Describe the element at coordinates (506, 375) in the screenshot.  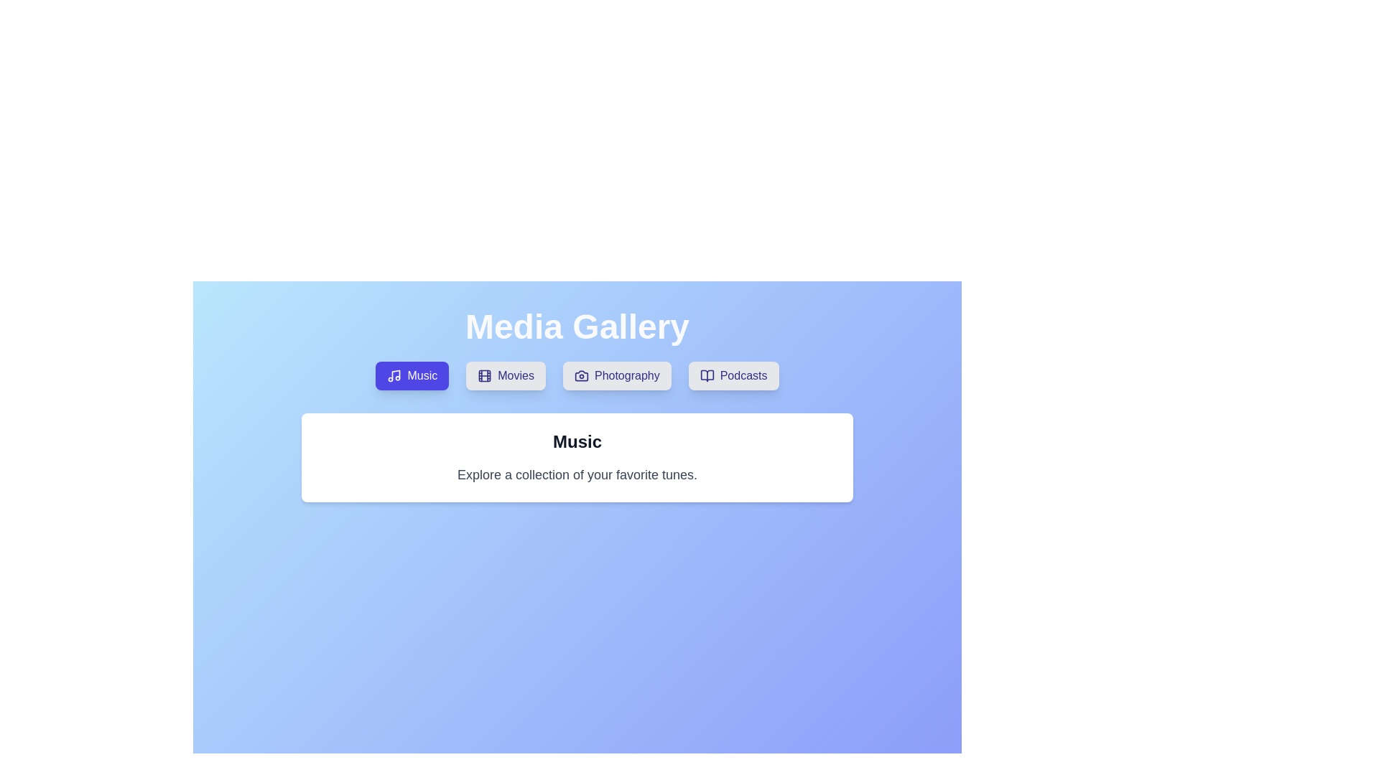
I see `the Movies tab by clicking on its button` at that location.